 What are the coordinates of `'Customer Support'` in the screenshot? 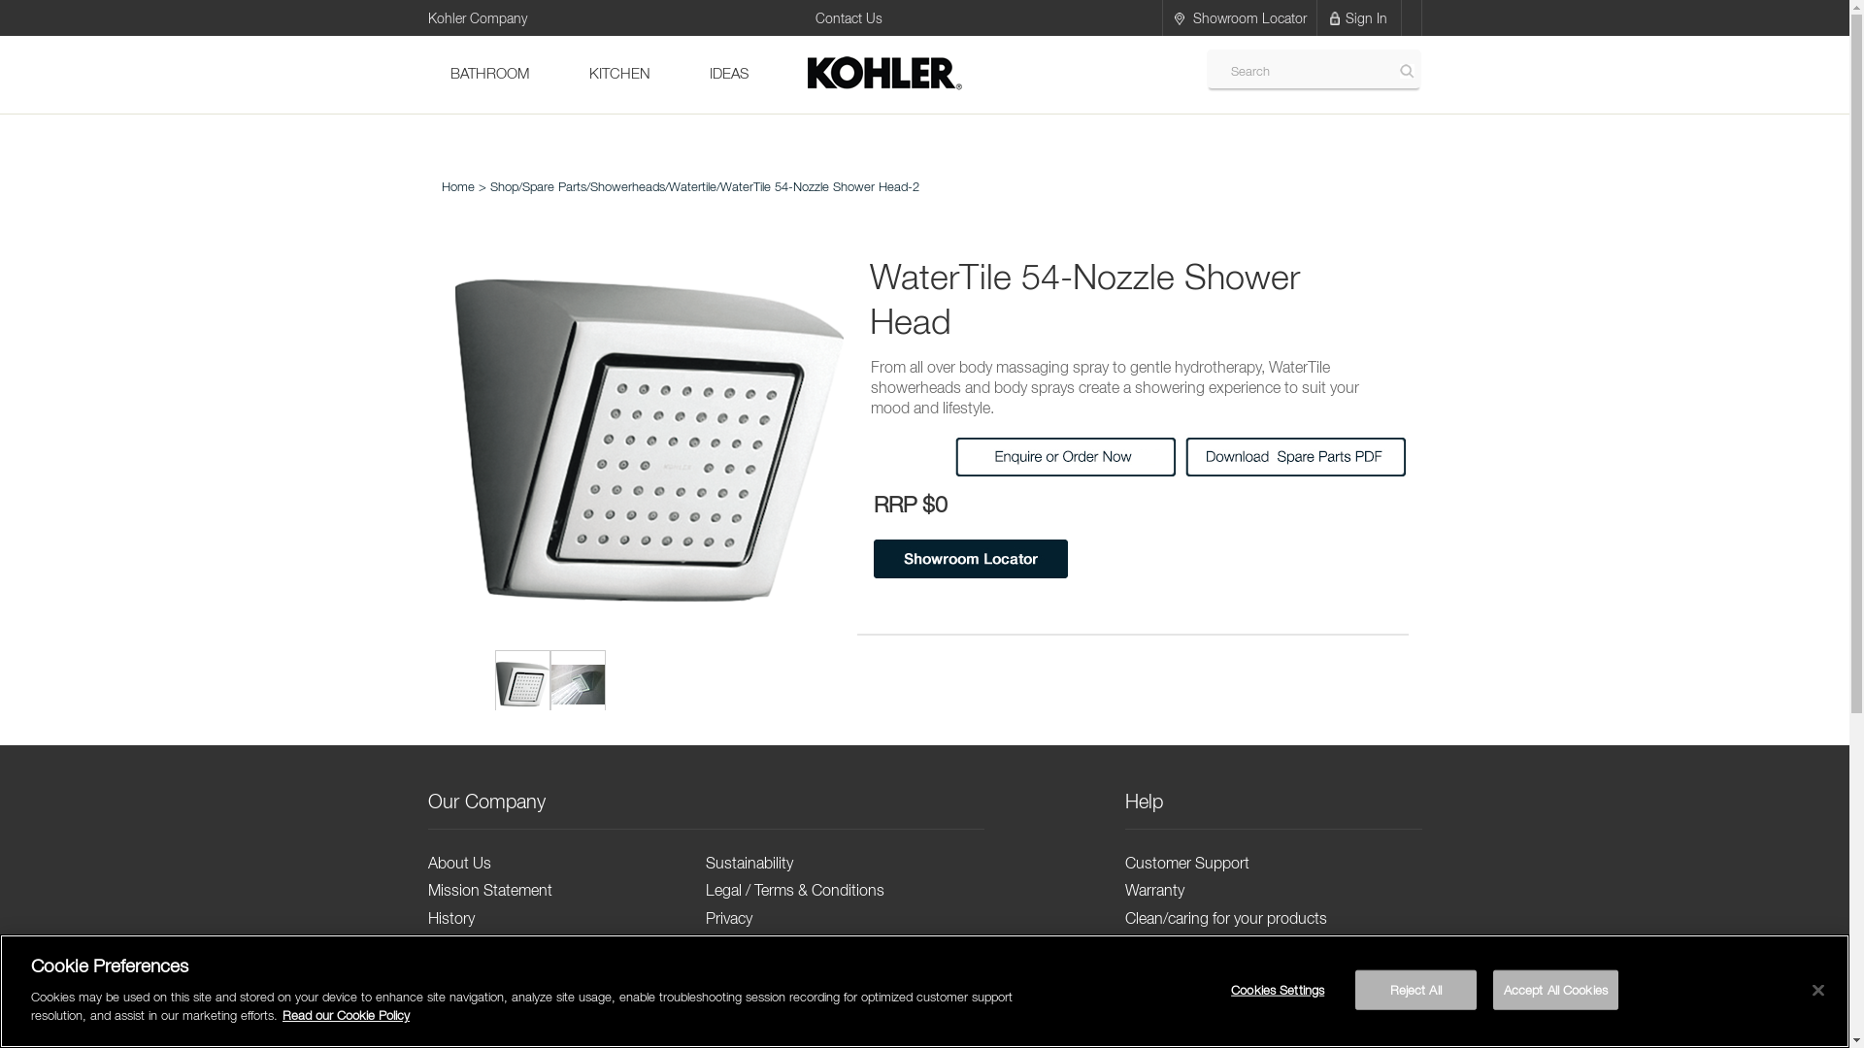 It's located at (1186, 861).